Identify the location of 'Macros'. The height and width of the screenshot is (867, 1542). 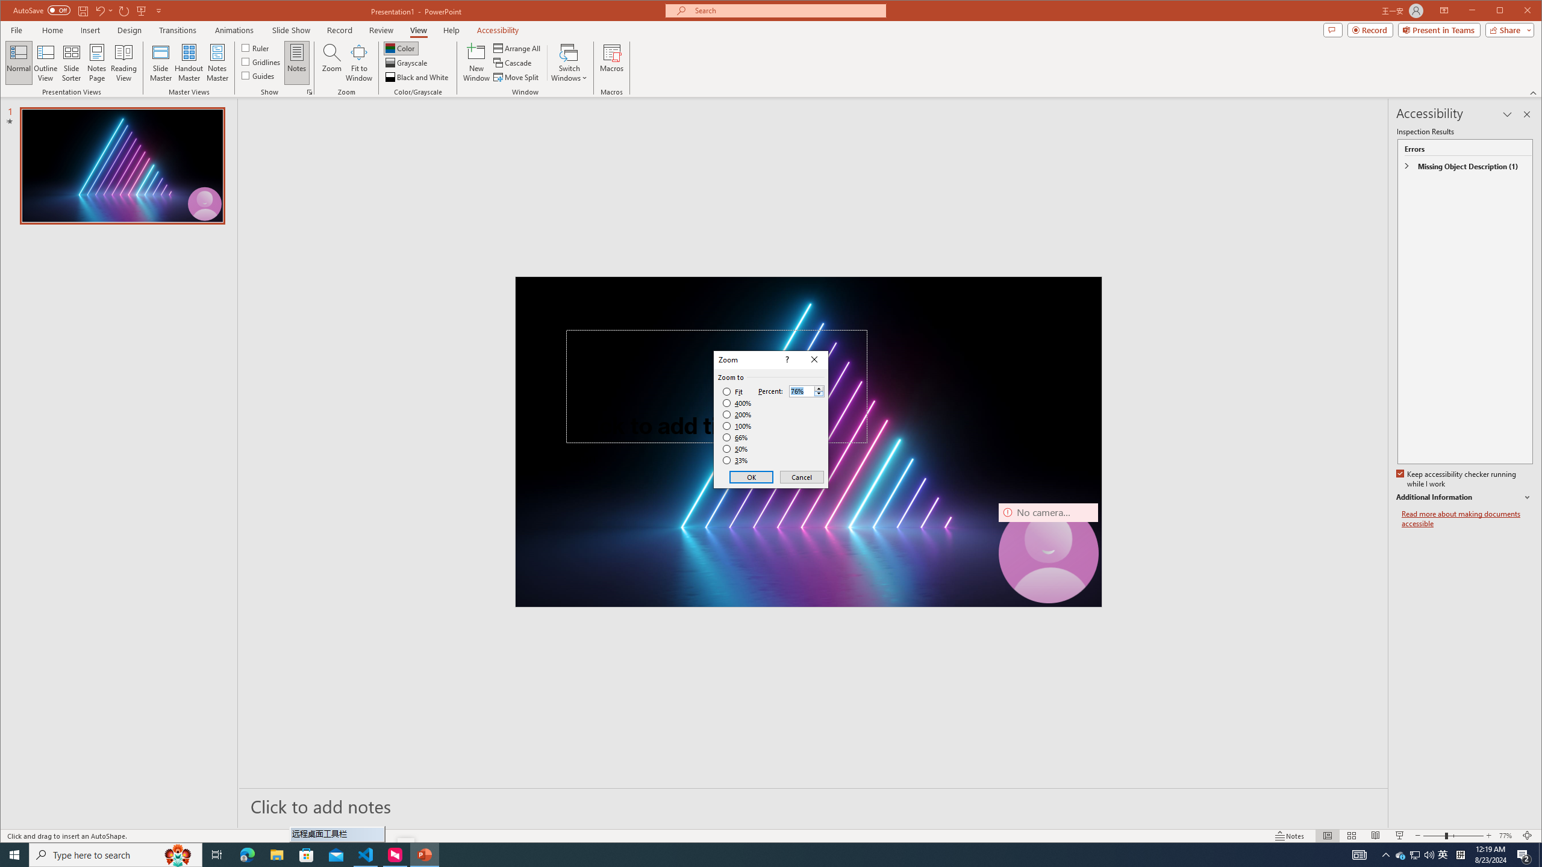
(611, 62).